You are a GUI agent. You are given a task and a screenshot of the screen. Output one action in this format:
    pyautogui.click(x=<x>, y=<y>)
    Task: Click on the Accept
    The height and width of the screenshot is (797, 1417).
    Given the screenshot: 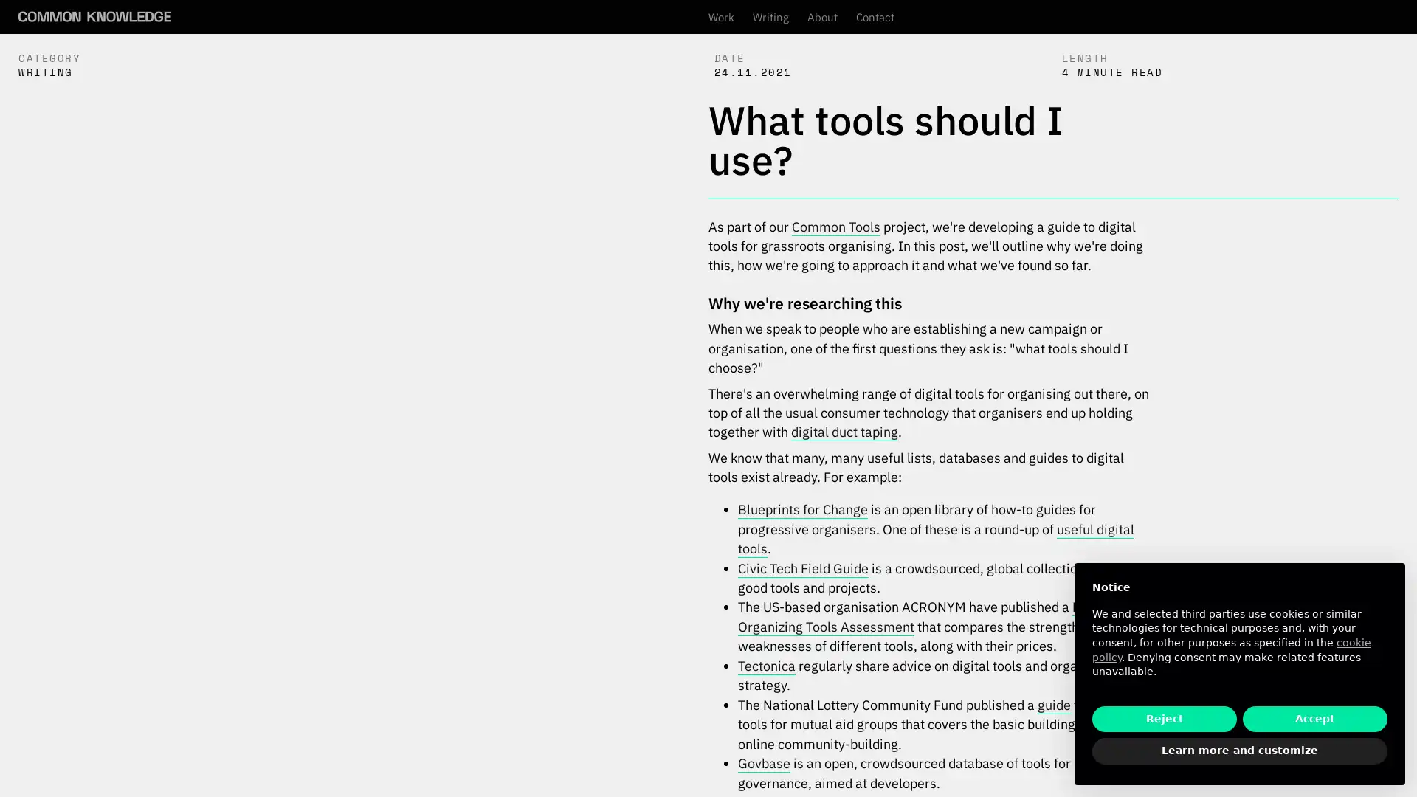 What is the action you would take?
    pyautogui.click(x=1314, y=718)
    